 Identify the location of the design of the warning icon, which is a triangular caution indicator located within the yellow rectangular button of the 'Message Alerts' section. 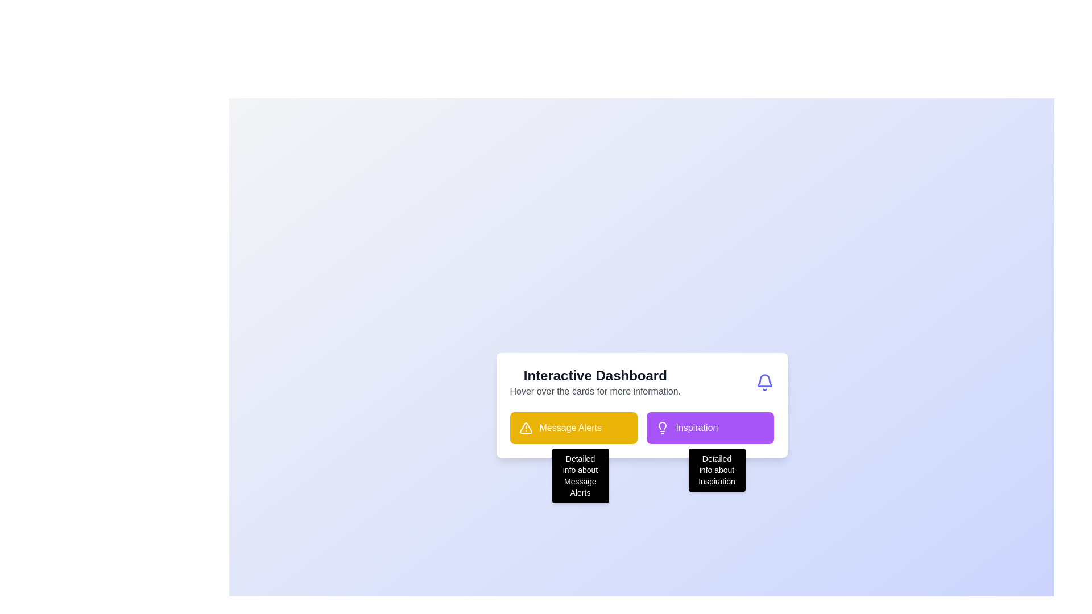
(525, 428).